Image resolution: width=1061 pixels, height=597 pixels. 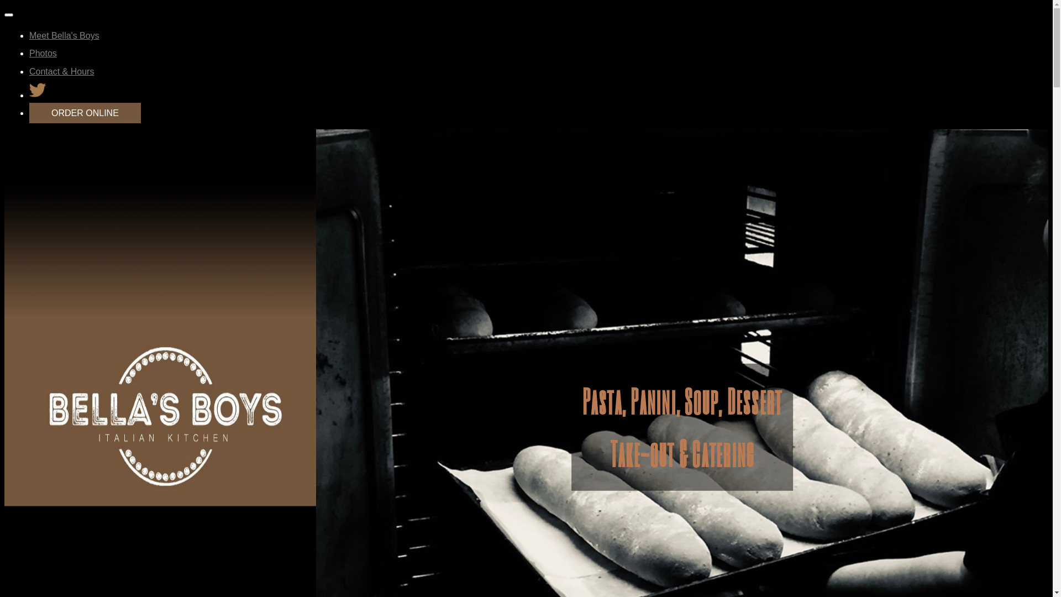 What do you see at coordinates (29, 113) in the screenshot?
I see `'ORDER ONLINE'` at bounding box center [29, 113].